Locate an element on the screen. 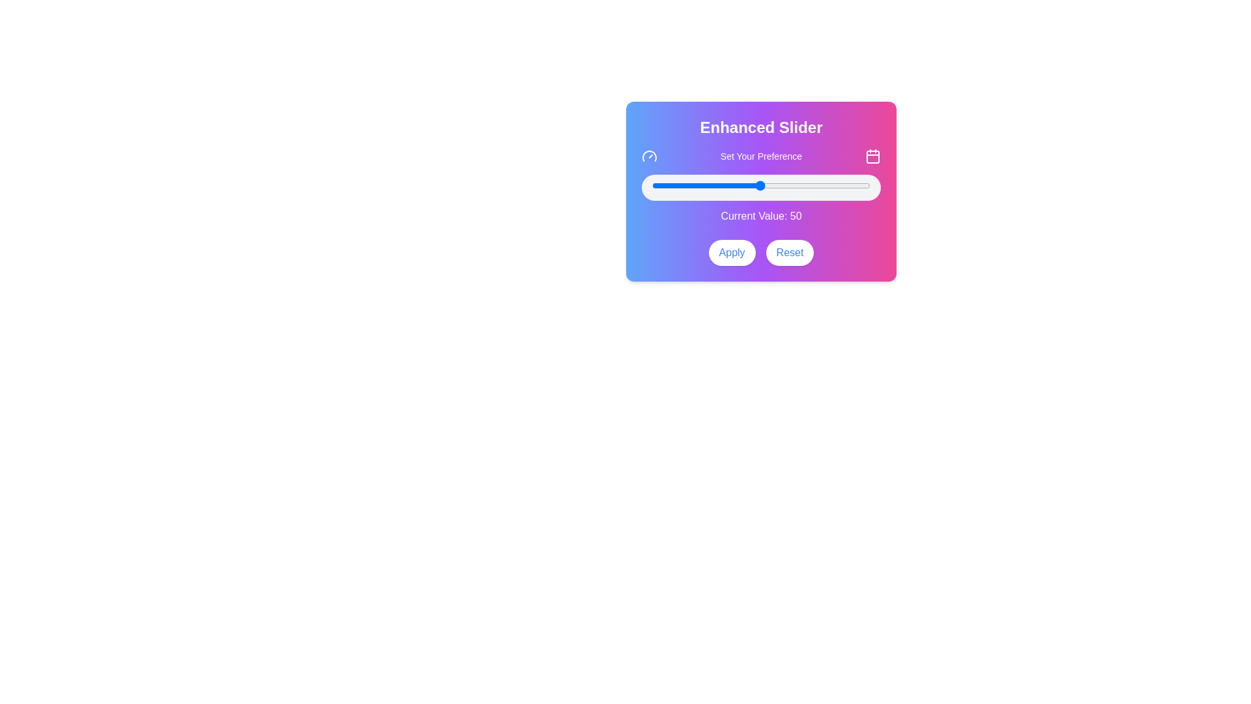  the slider value is located at coordinates (788, 186).